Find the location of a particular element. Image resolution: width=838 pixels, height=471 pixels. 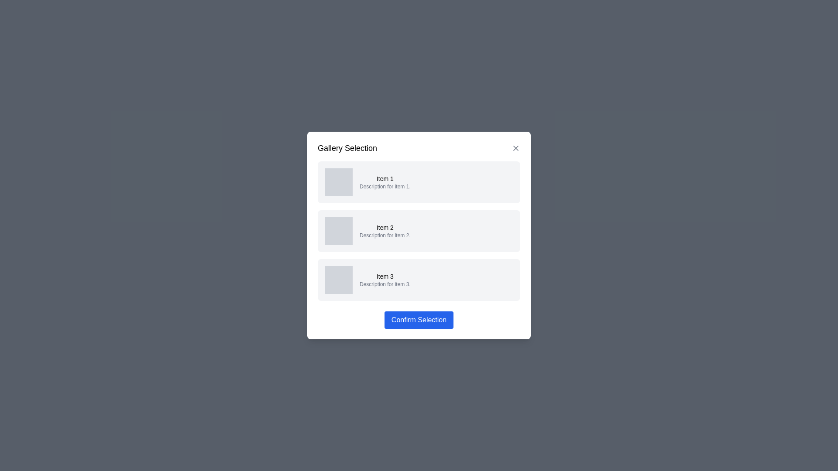

the text label displaying 'Description for item 2', which is positioned directly below the title 'Item 2' in a vertical list of items is located at coordinates (385, 235).